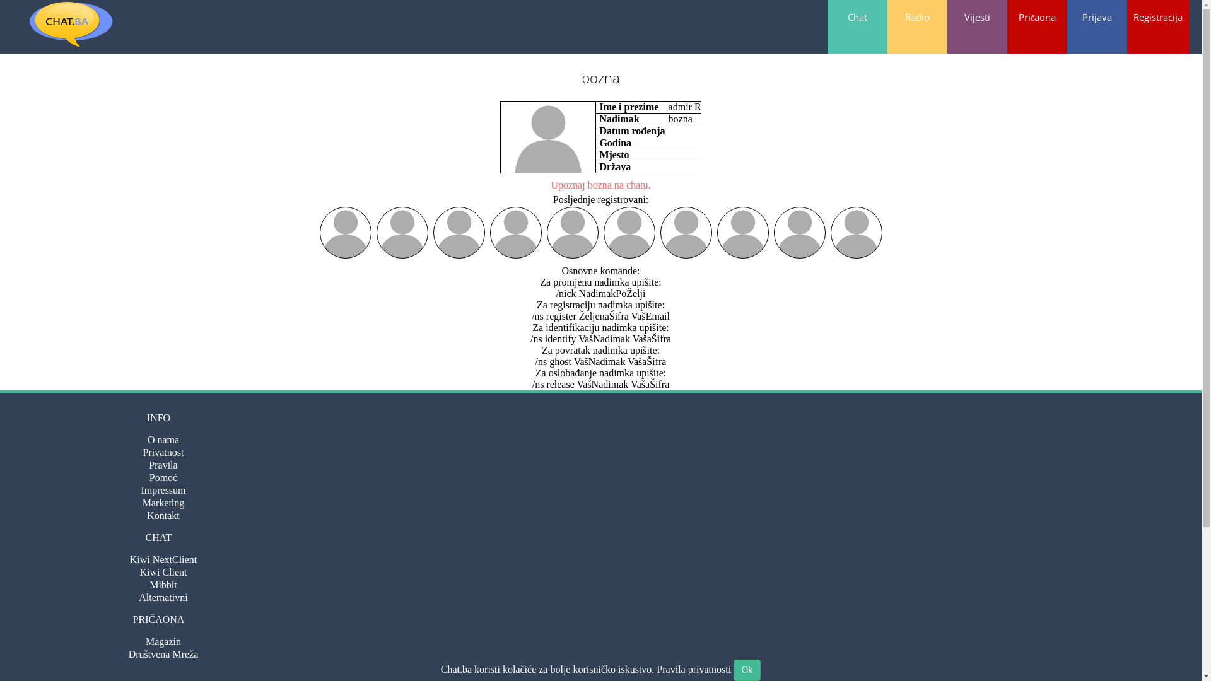  Describe the element at coordinates (162, 465) in the screenshot. I see `'Pravila'` at that location.